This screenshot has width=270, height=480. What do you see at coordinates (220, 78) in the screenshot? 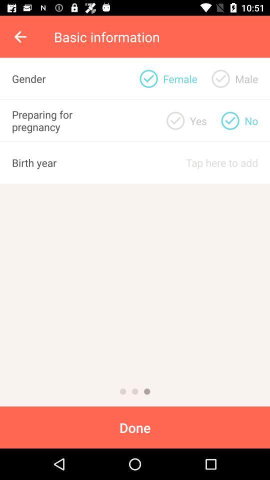
I see `gender` at bounding box center [220, 78].